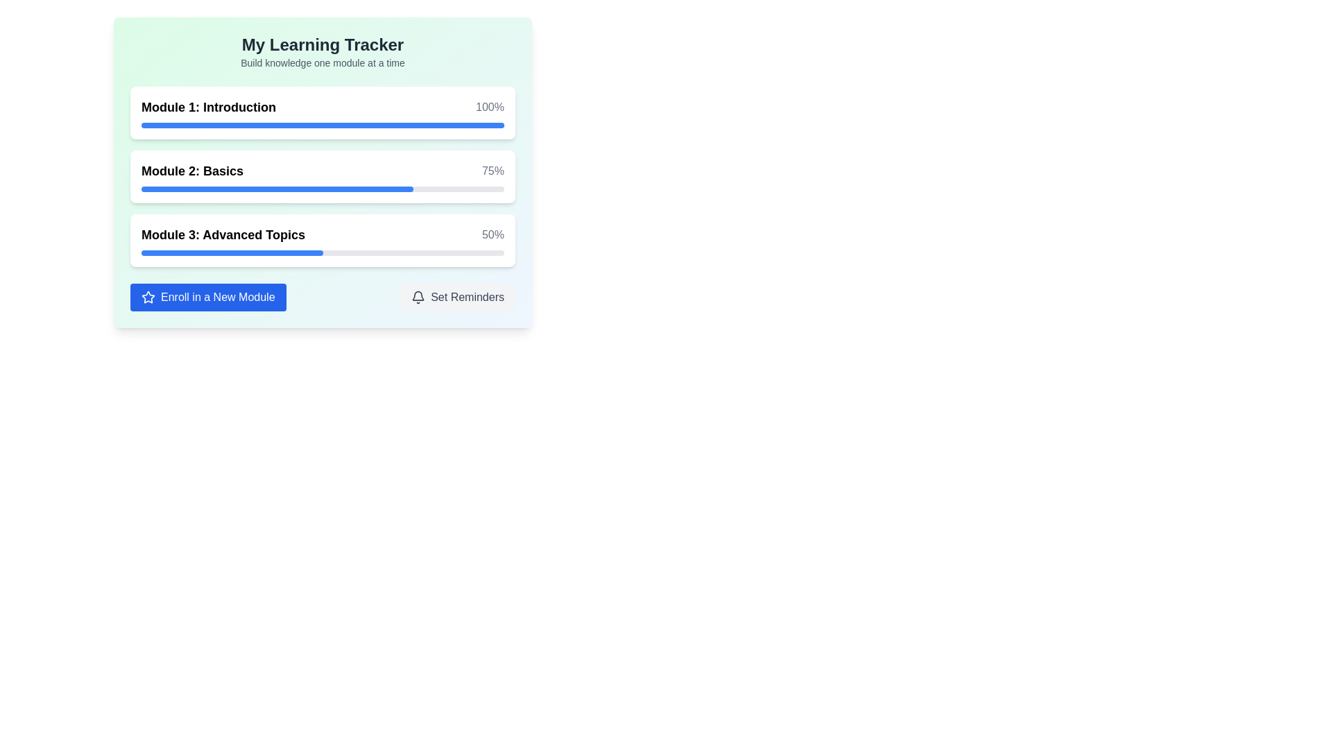 The image size is (1332, 749). Describe the element at coordinates (322, 126) in the screenshot. I see `the thin rectangular gray progress bar located below the 'Module 1: Introduction' label` at that location.